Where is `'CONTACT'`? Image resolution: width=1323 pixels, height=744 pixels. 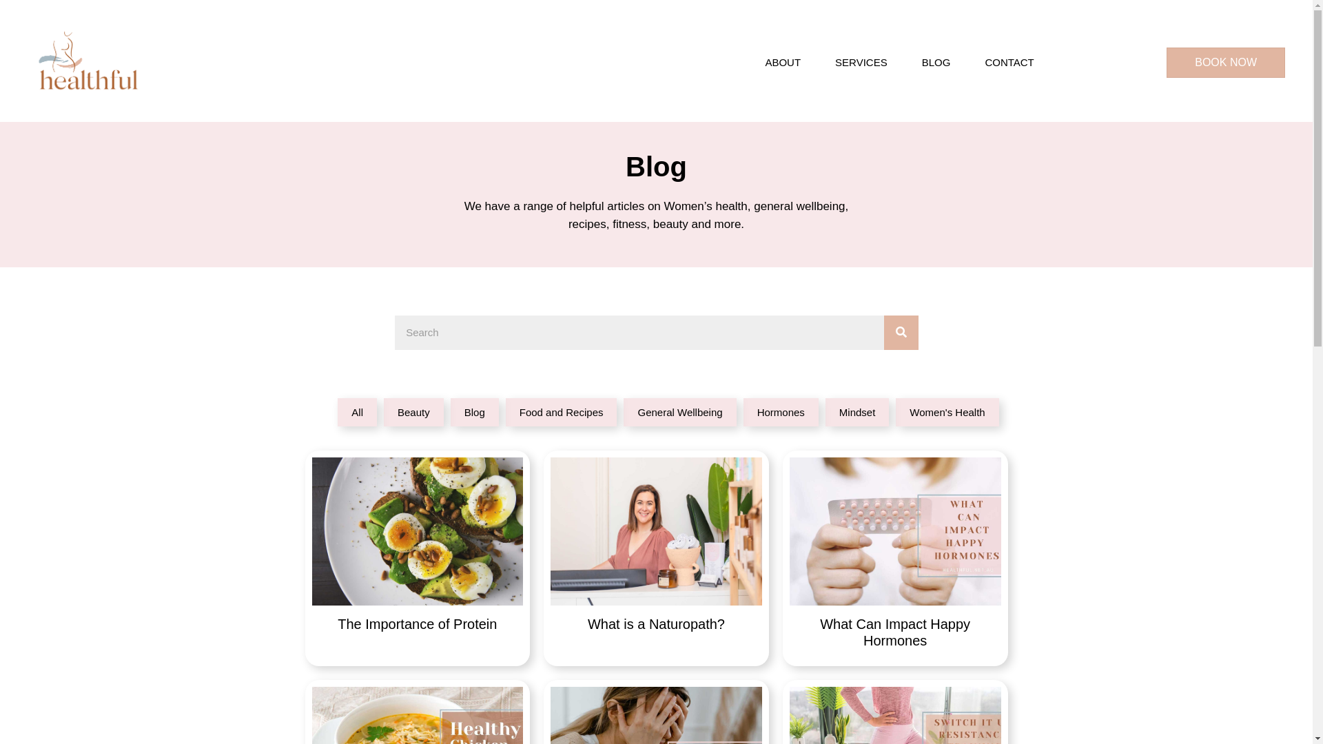 'CONTACT' is located at coordinates (970, 63).